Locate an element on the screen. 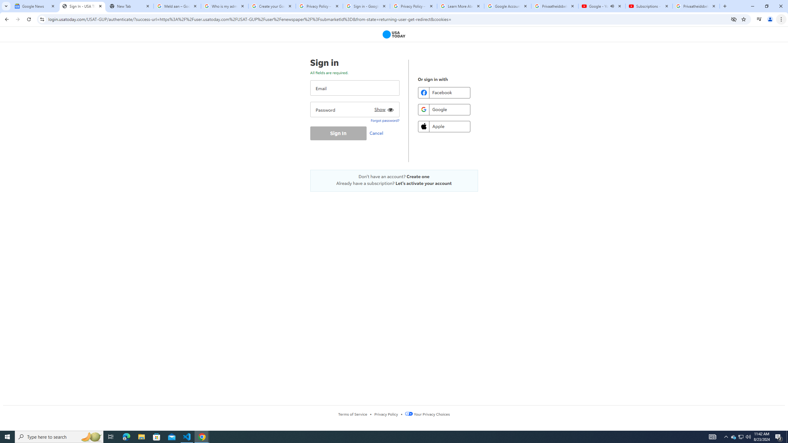  'Who is my administrator? - Google Account Help' is located at coordinates (224, 6).